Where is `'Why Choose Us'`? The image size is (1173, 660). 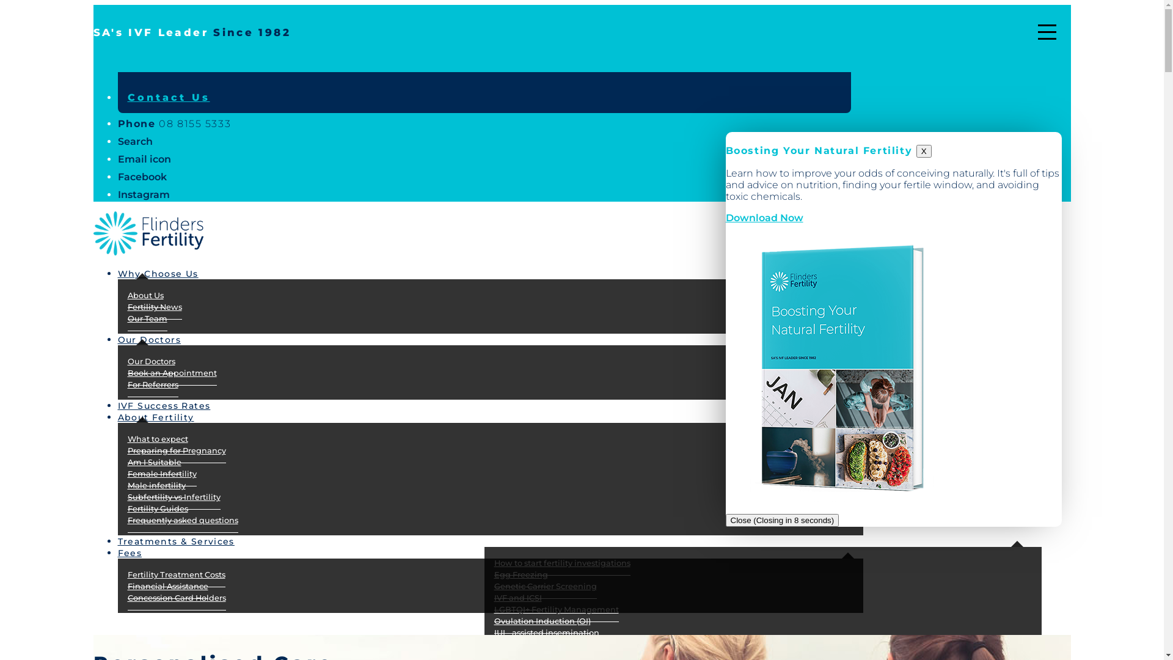
'Why Choose Us' is located at coordinates (166, 270).